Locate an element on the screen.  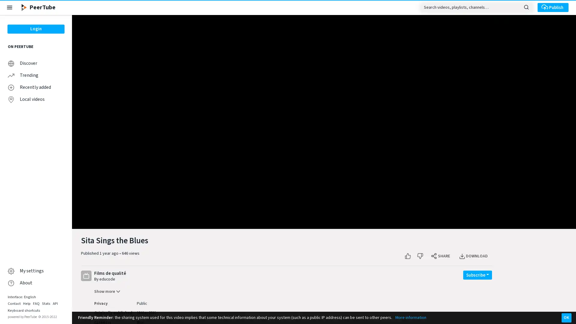
Interface: English is located at coordinates (22, 296).